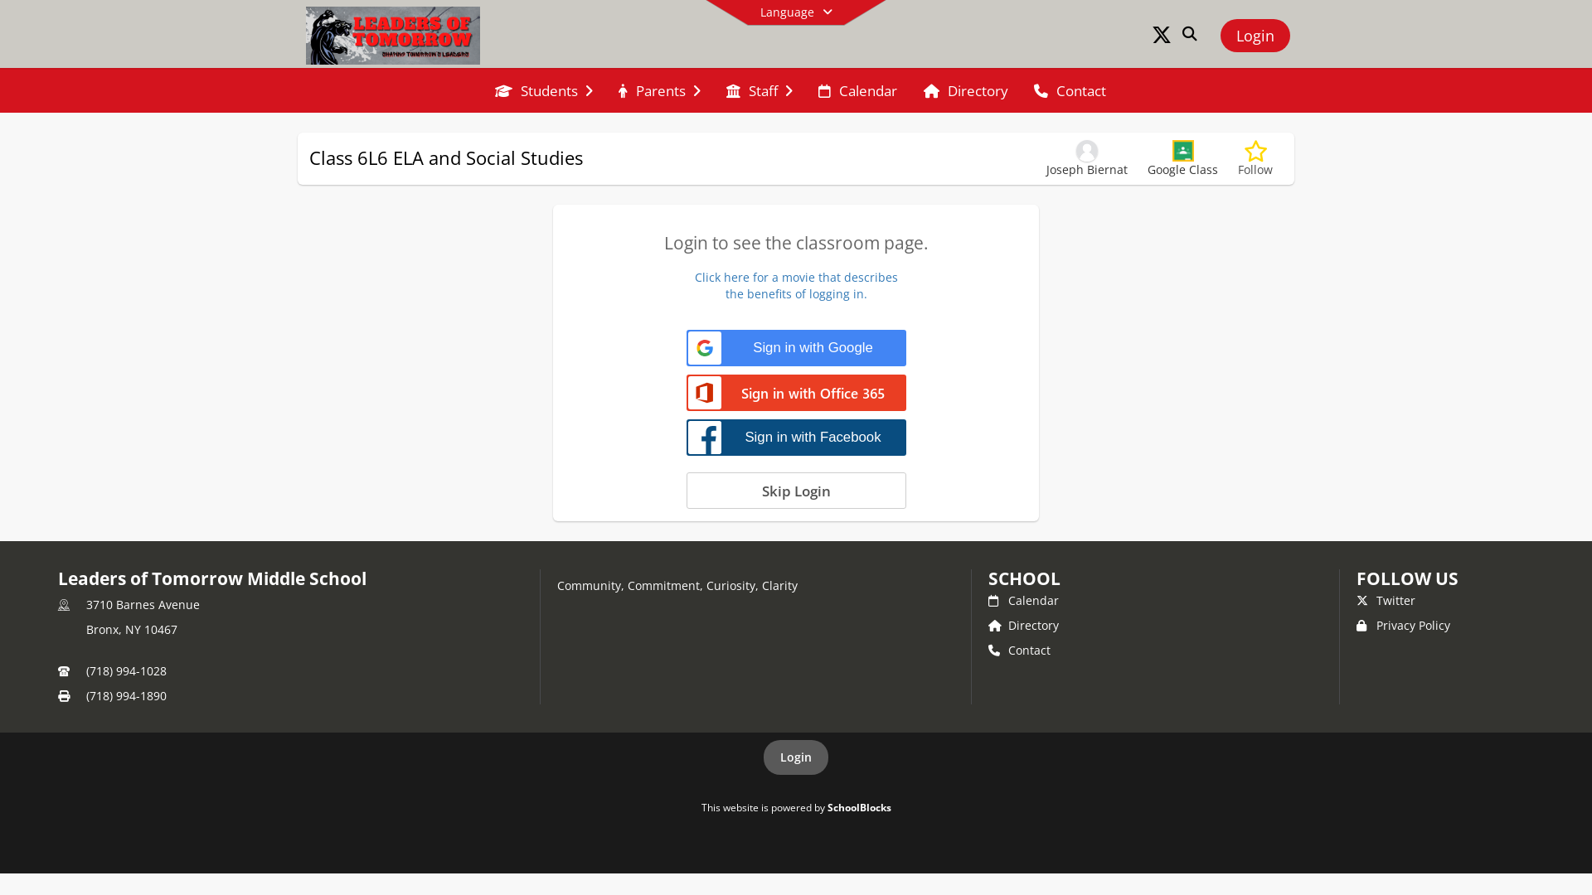 The width and height of the screenshot is (1592, 895). I want to click on 'Directory', so click(966, 91).